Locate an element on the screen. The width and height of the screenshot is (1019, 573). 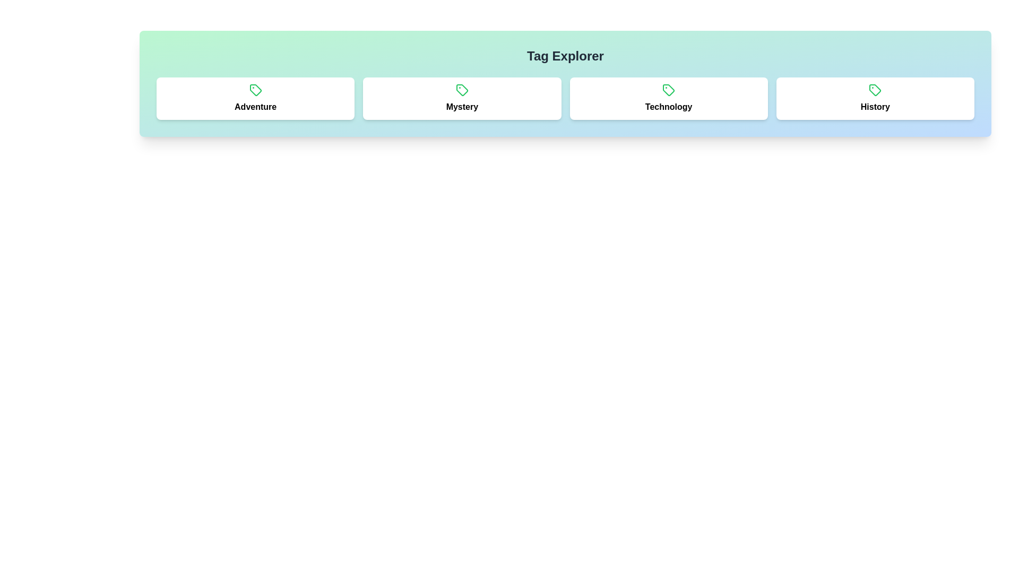
the visual tag icon centered within the second option box labeled 'Mystery' in the 'Tag Explorer' section is located at coordinates (462, 89).